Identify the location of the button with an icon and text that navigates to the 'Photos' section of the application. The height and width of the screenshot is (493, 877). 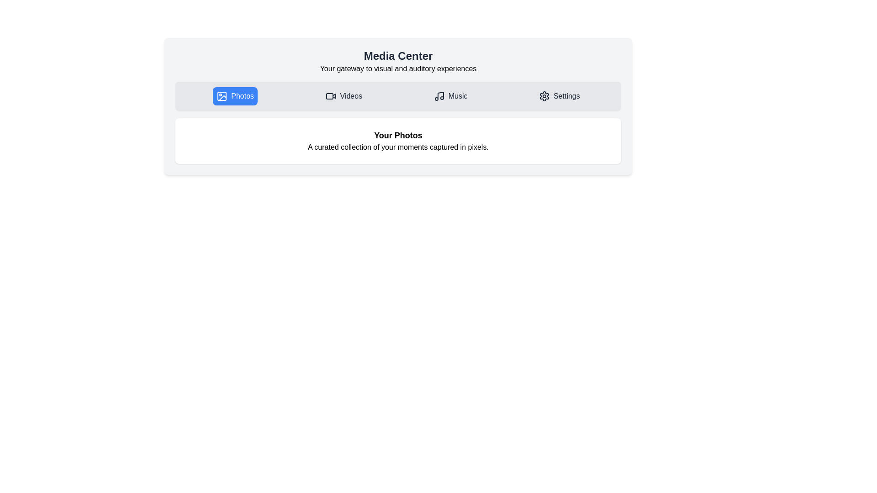
(235, 96).